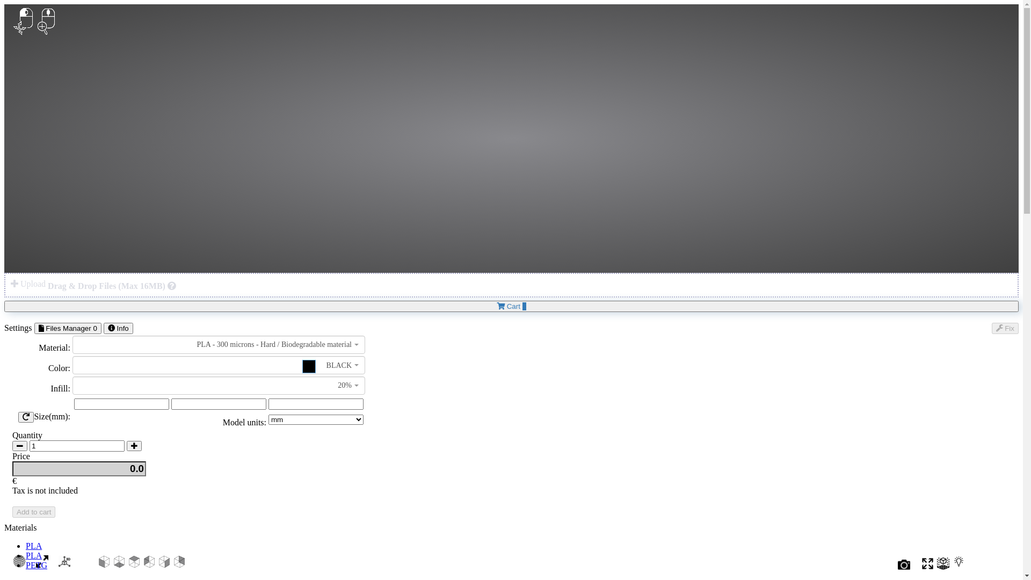 The width and height of the screenshot is (1031, 580). I want to click on 'Back View', so click(179, 564).